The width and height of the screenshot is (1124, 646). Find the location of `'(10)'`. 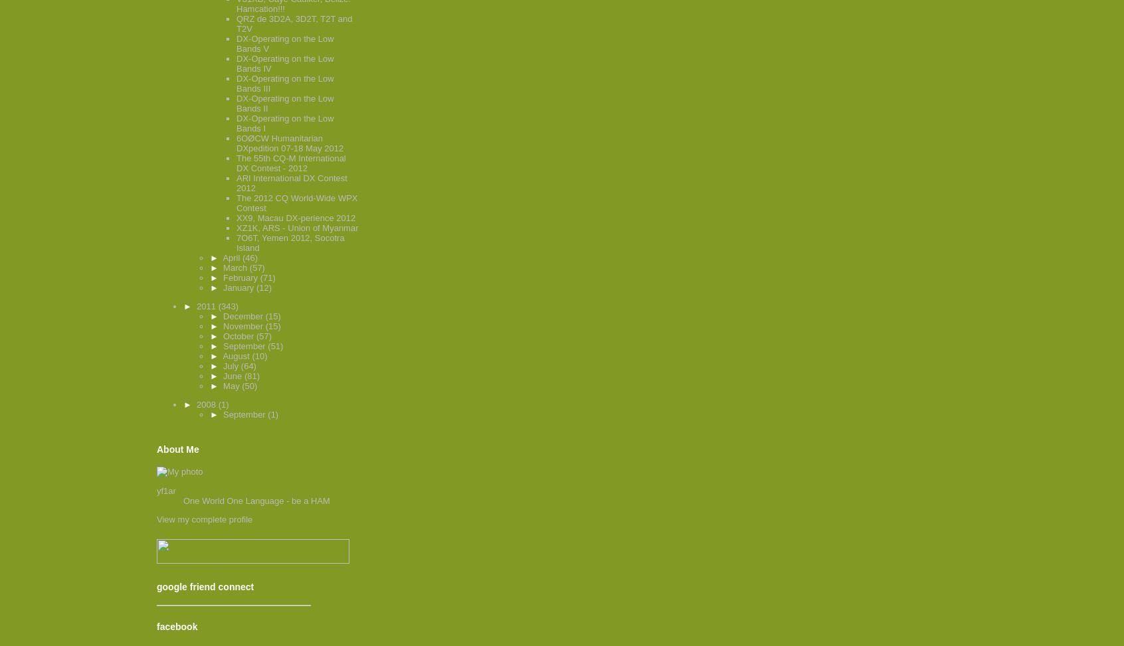

'(10)' is located at coordinates (259, 355).